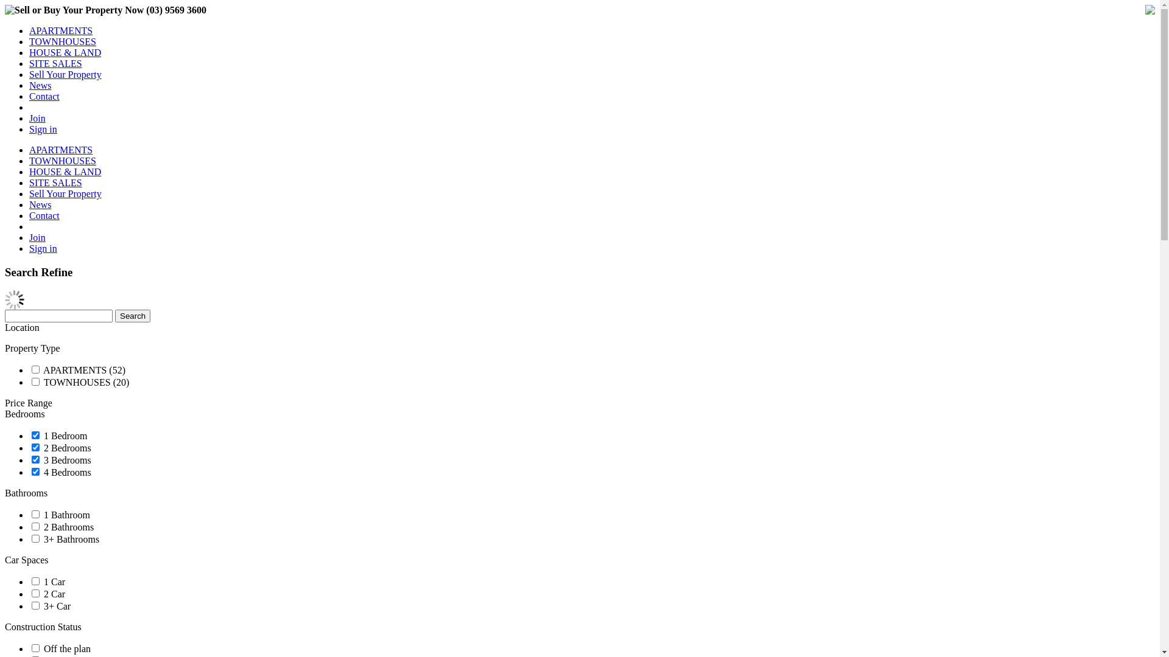 This screenshot has width=1169, height=657. Describe the element at coordinates (37, 237) in the screenshot. I see `'Join'` at that location.